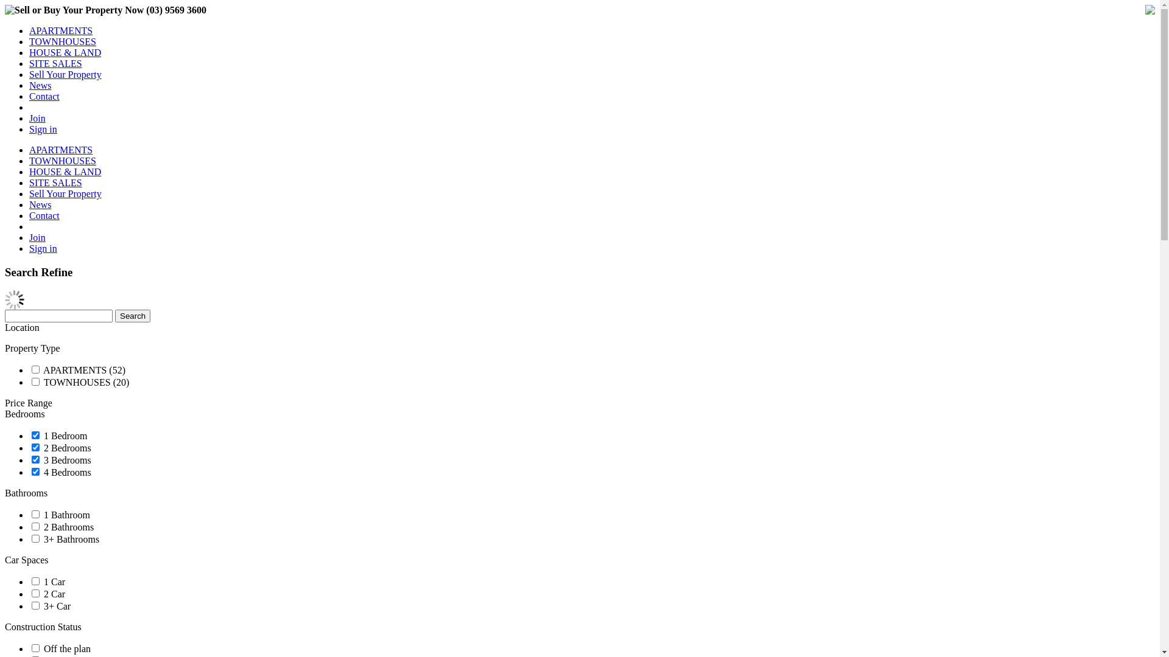 This screenshot has width=1169, height=657. Describe the element at coordinates (37, 237) in the screenshot. I see `'Join'` at that location.